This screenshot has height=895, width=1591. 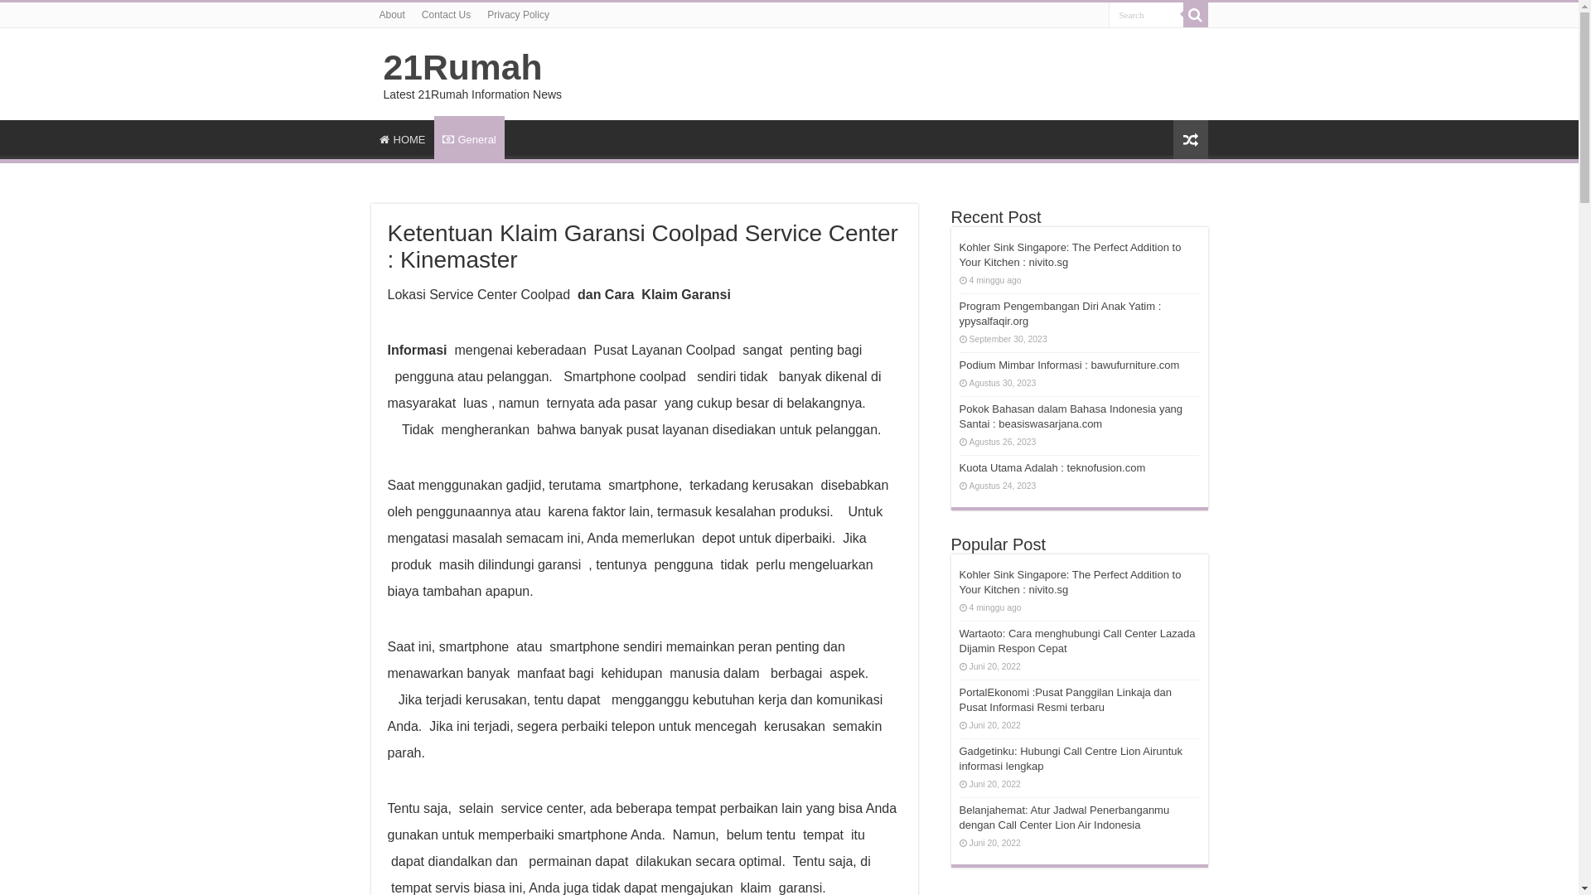 I want to click on 'Program Pengembangan Diri Anak Yatim : ypysalfaqir.org', so click(x=1061, y=313).